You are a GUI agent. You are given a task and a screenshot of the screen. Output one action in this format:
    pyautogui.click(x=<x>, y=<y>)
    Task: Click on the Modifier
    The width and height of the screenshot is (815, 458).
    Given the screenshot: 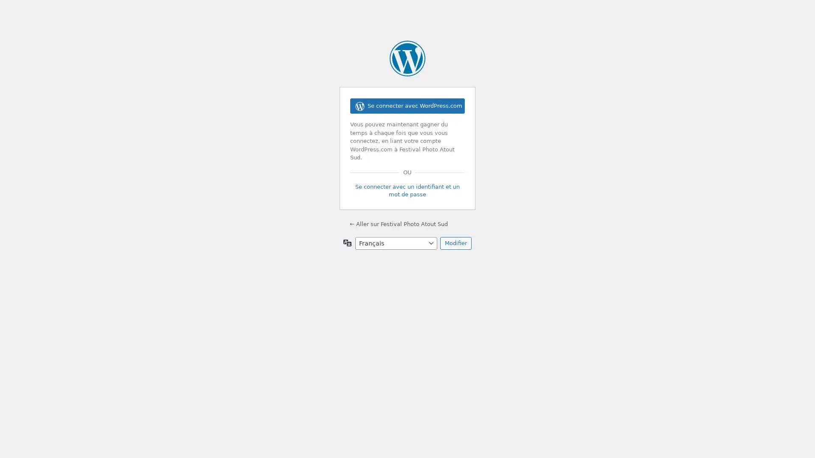 What is the action you would take?
    pyautogui.click(x=455, y=243)
    